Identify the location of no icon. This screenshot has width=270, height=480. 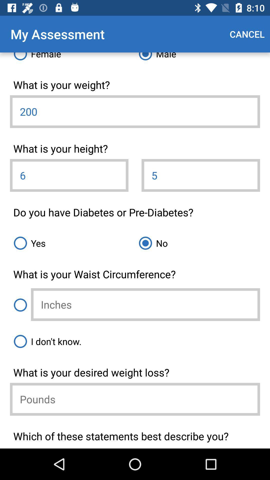
(197, 243).